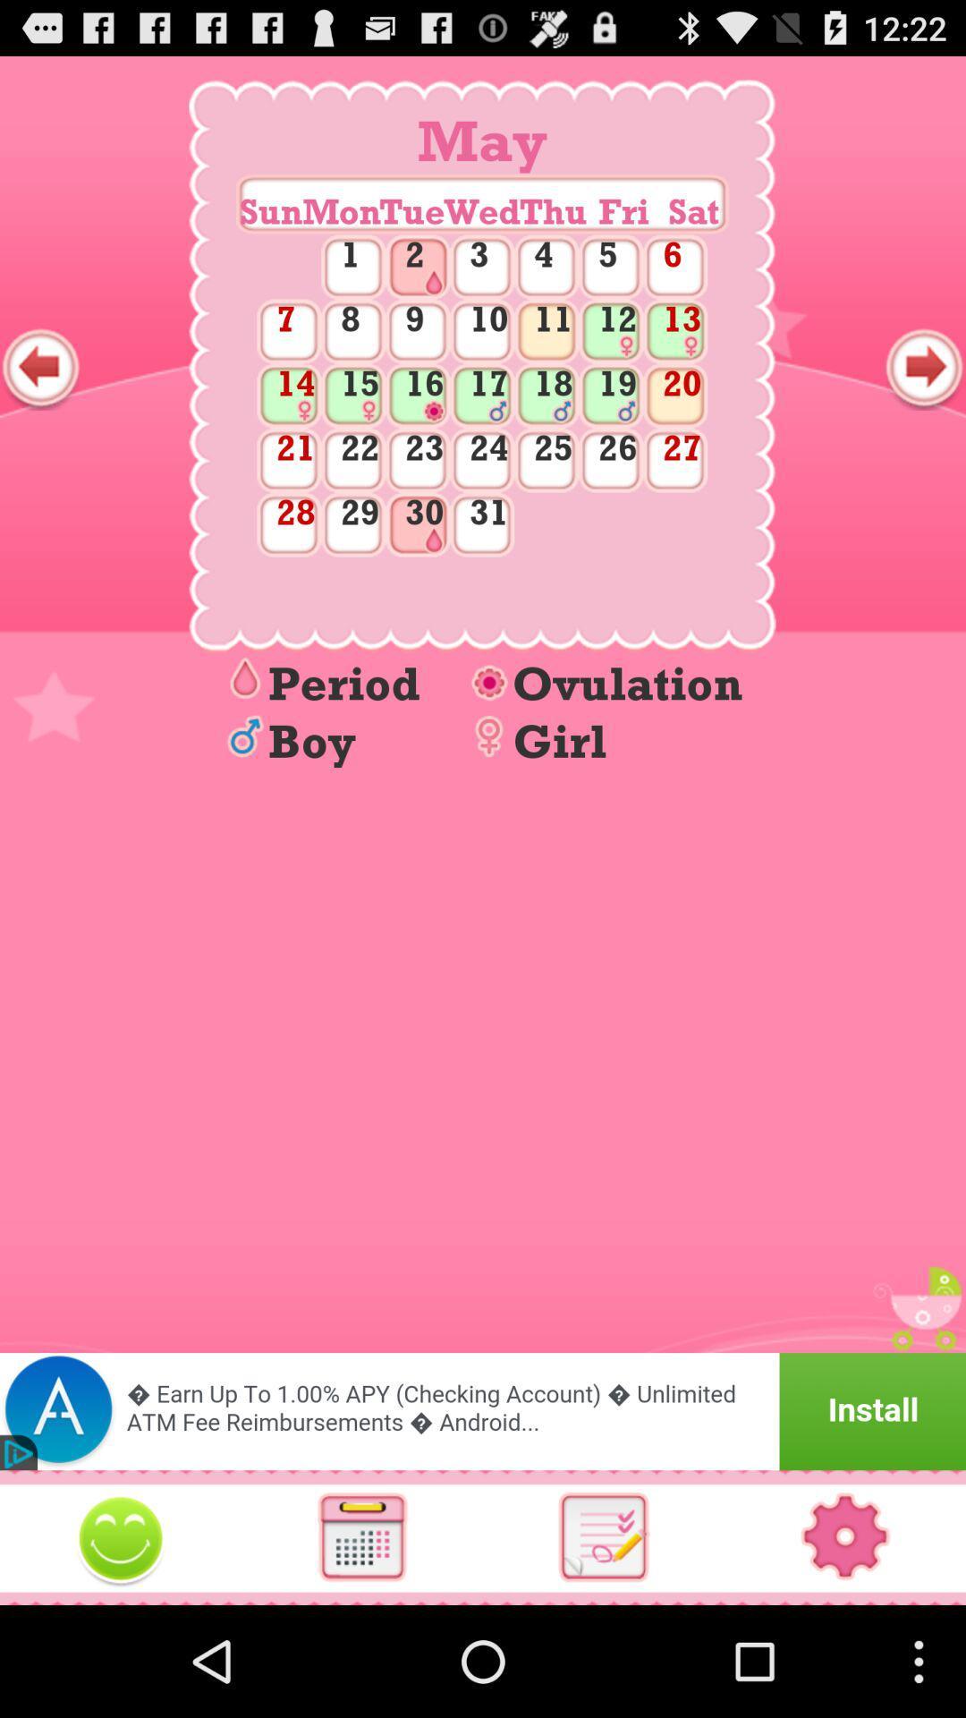 The image size is (966, 1718). Describe the element at coordinates (40, 367) in the screenshot. I see `previous` at that location.